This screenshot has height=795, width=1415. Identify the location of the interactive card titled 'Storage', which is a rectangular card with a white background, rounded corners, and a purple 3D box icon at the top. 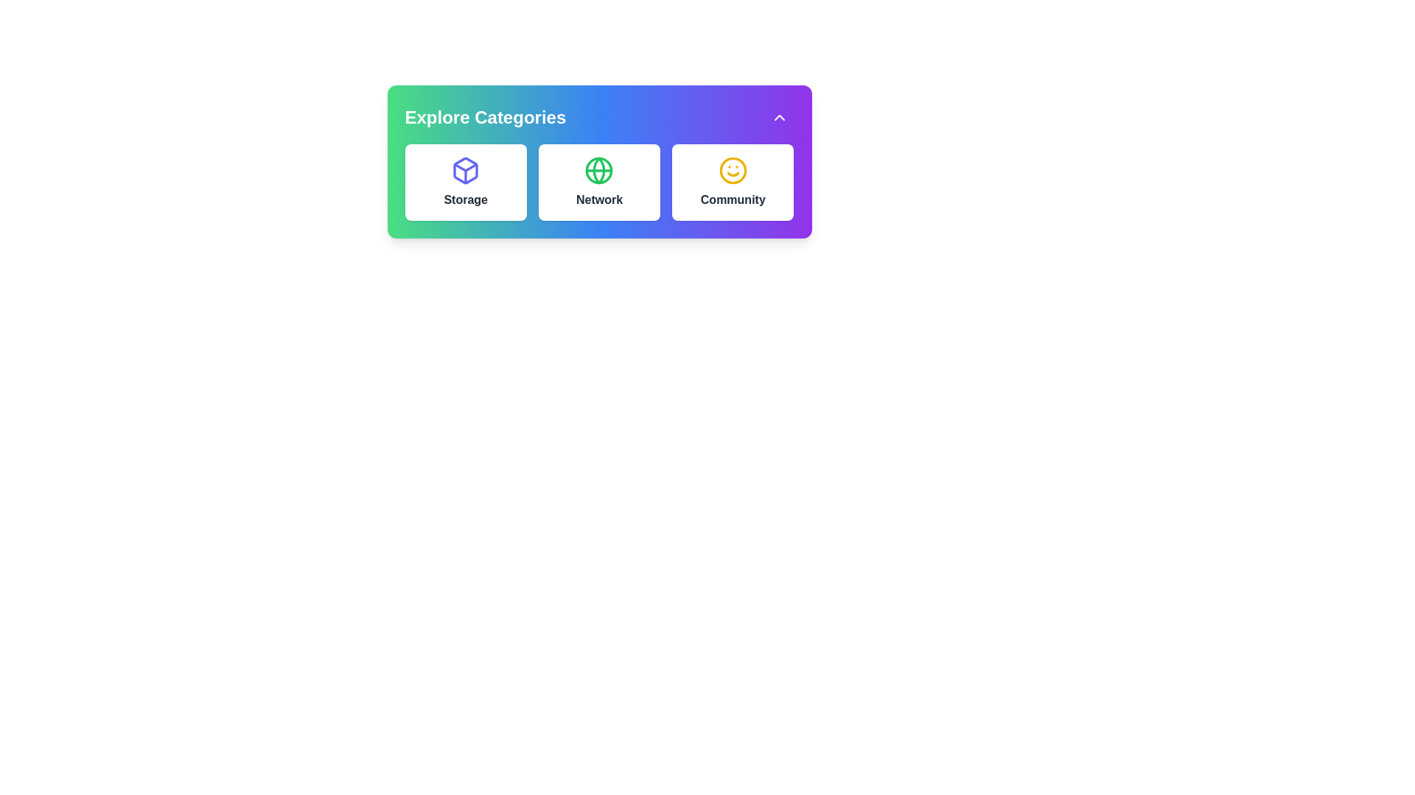
(465, 181).